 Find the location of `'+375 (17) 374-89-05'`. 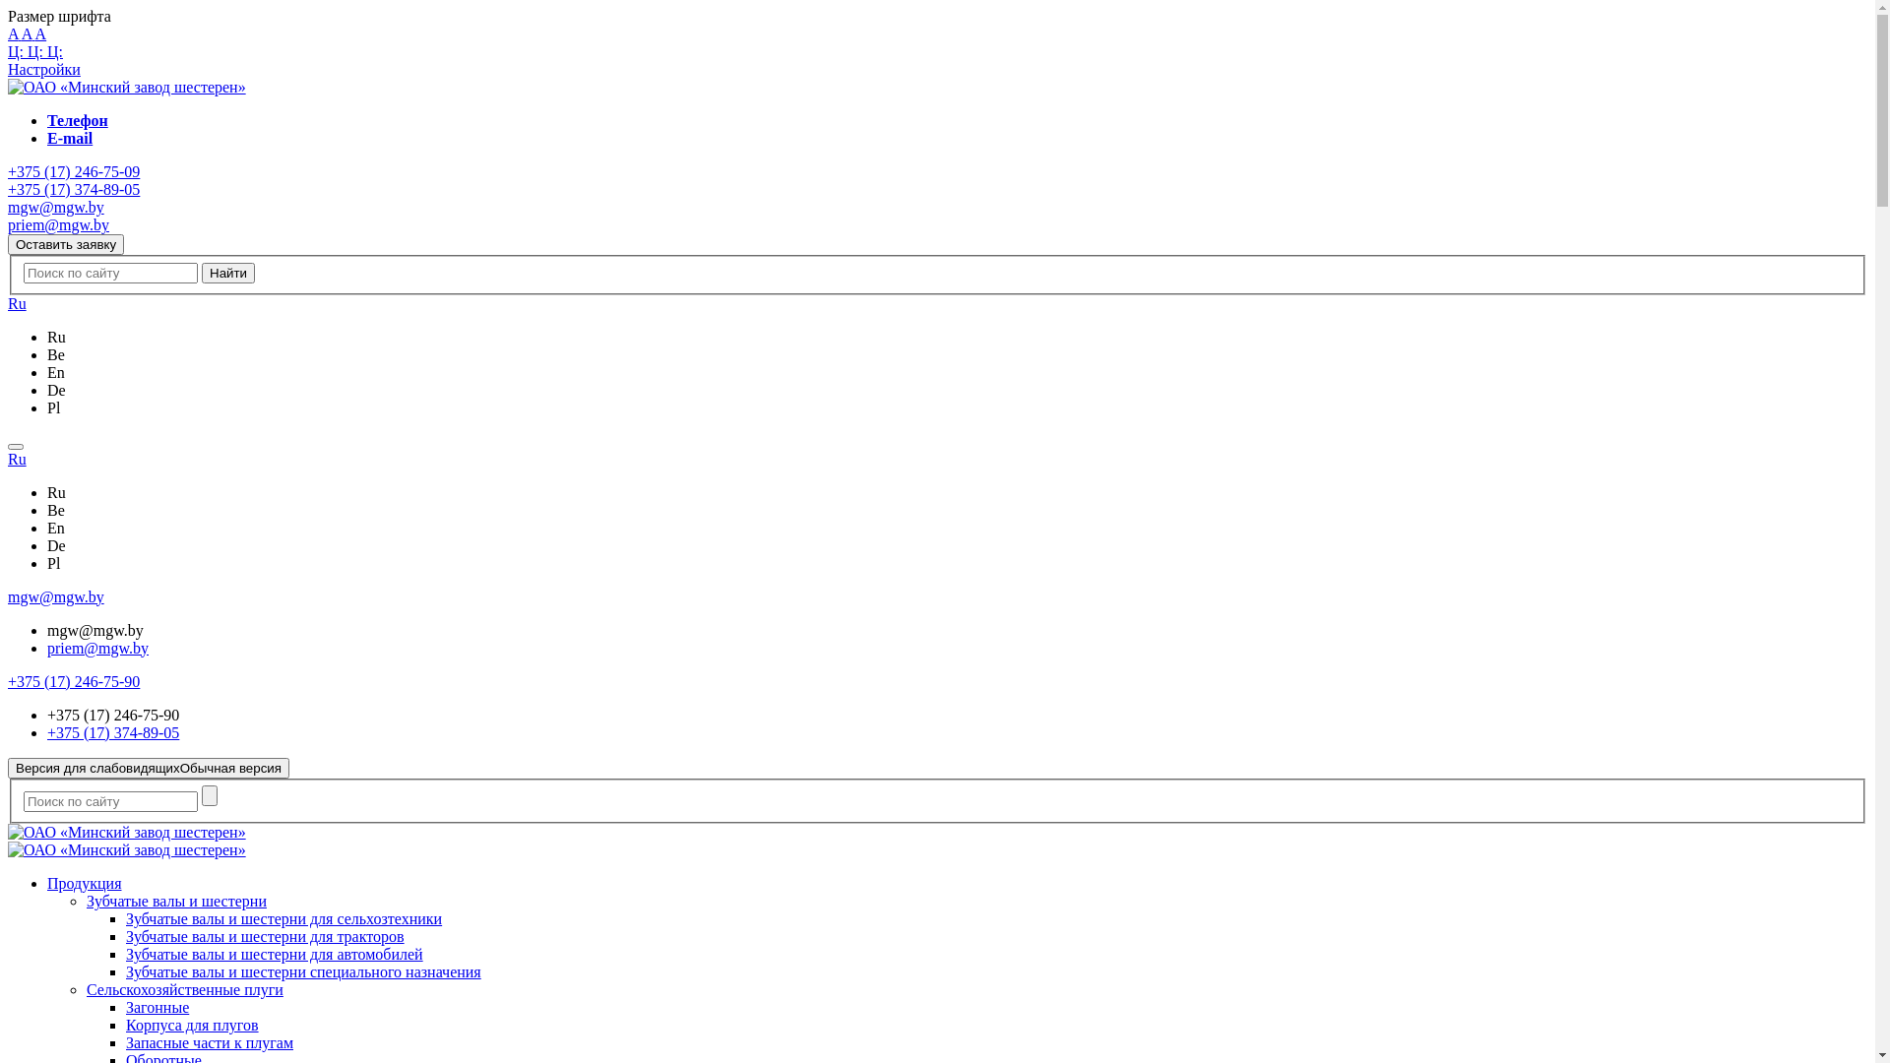

'+375 (17) 374-89-05' is located at coordinates (47, 732).